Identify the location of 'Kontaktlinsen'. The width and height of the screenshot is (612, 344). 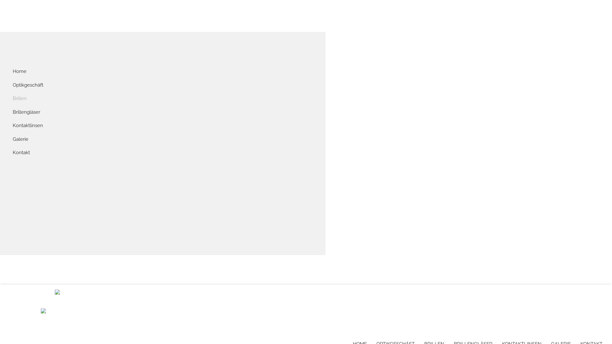
(12, 125).